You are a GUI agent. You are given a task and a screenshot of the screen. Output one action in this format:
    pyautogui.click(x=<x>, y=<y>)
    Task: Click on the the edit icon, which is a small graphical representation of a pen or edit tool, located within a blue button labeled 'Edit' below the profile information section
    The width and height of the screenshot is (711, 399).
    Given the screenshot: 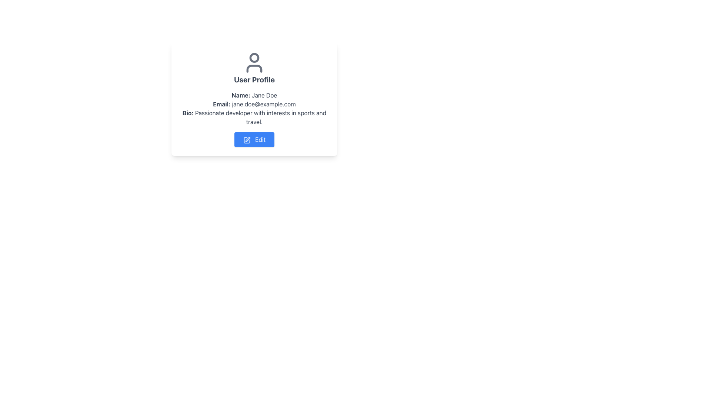 What is the action you would take?
    pyautogui.click(x=248, y=139)
    